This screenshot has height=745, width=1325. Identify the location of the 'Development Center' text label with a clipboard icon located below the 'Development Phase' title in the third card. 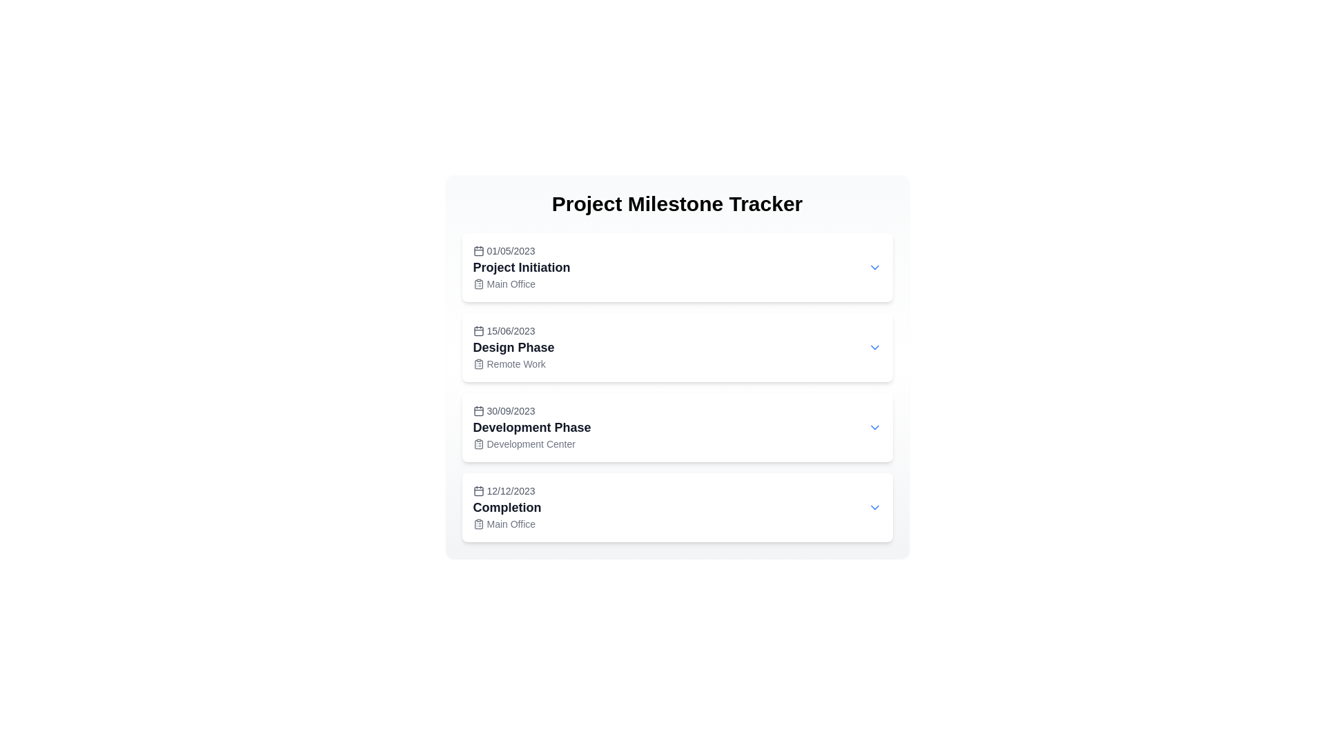
(531, 444).